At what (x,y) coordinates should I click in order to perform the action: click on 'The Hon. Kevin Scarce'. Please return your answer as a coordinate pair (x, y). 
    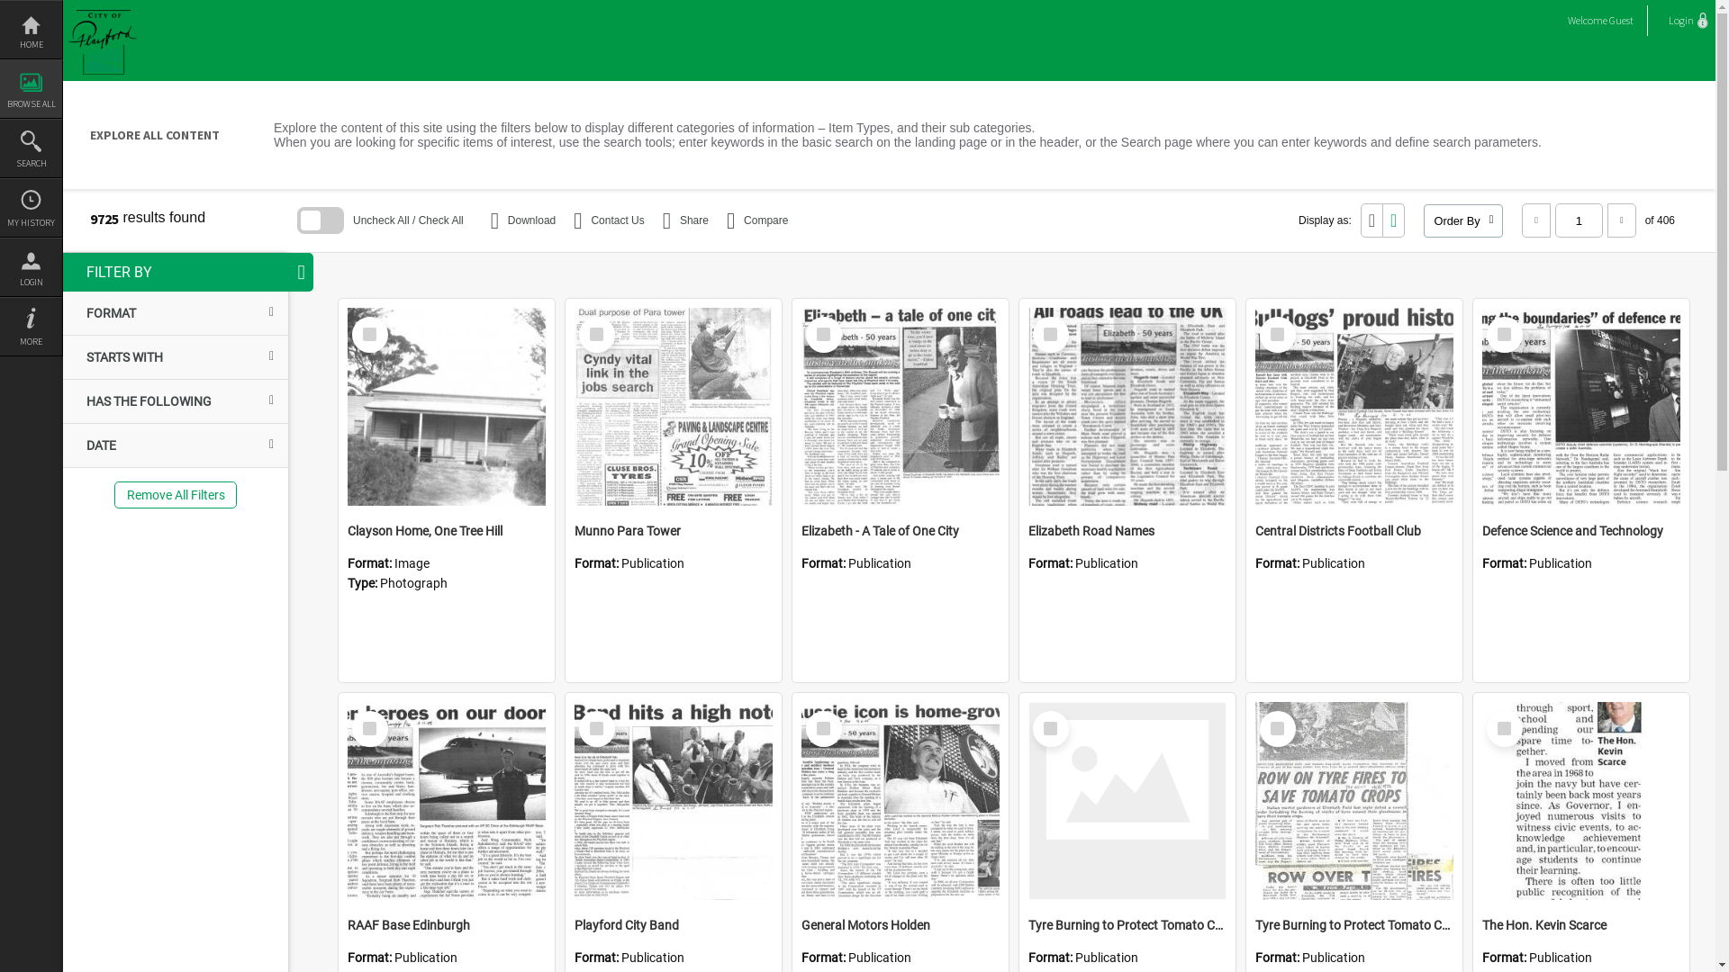
    Looking at the image, I should click on (1580, 925).